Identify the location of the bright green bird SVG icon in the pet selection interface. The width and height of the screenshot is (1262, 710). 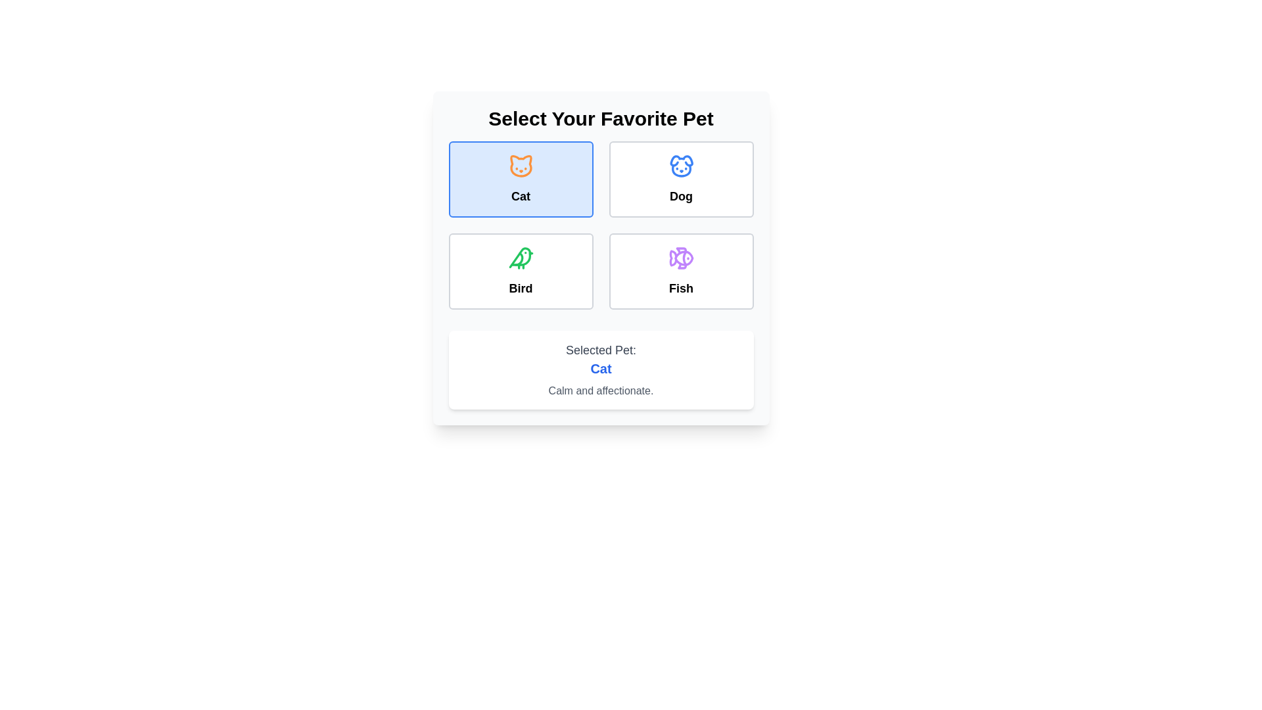
(520, 258).